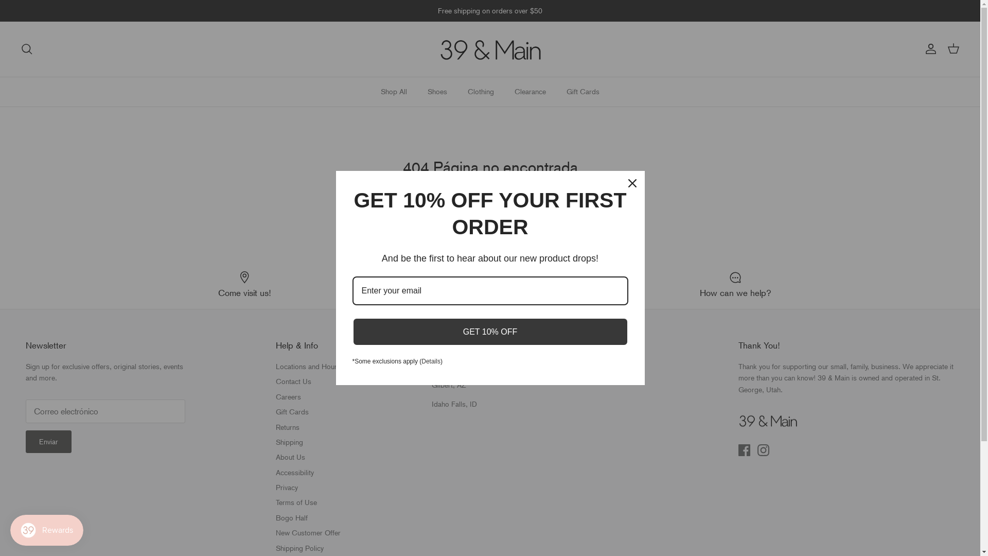 The width and height of the screenshot is (988, 556). I want to click on 'Clearance', so click(505, 91).